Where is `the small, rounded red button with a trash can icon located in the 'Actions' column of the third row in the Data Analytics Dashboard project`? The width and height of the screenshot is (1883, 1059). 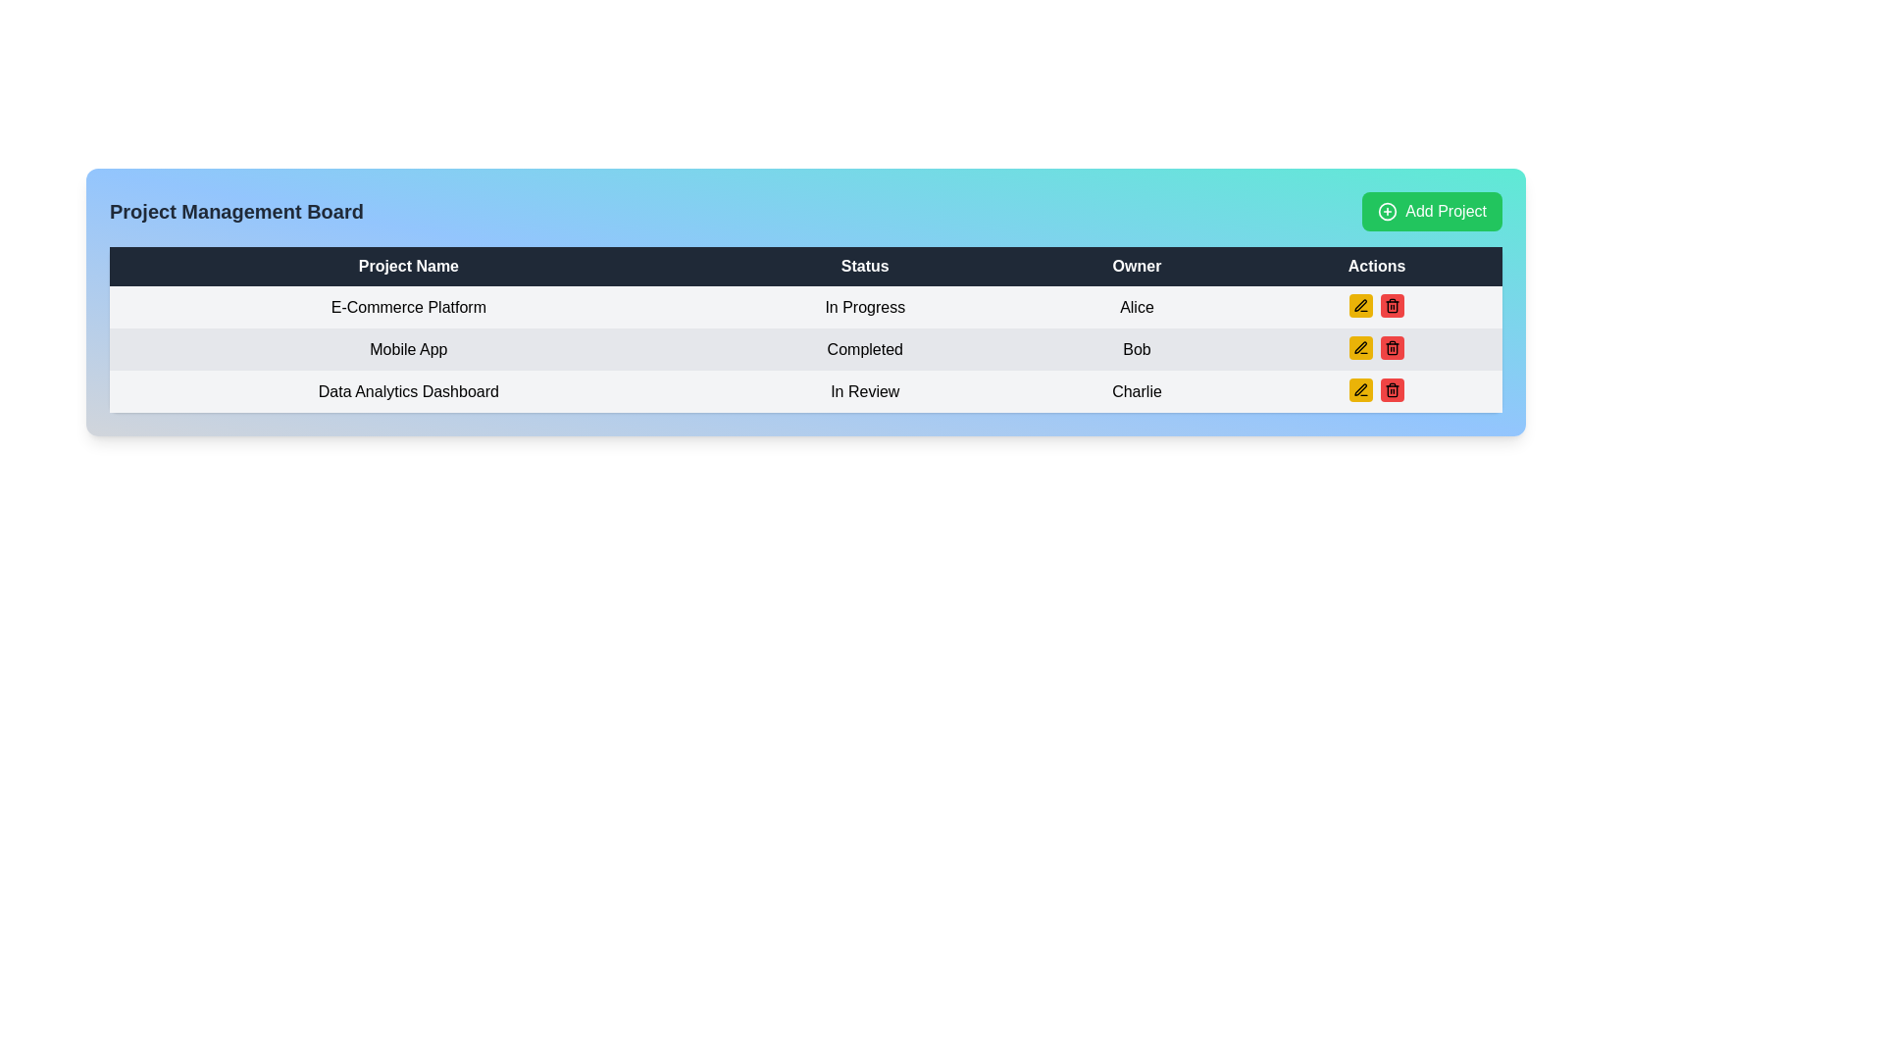
the small, rounded red button with a trash can icon located in the 'Actions' column of the third row in the Data Analytics Dashboard project is located at coordinates (1392, 346).